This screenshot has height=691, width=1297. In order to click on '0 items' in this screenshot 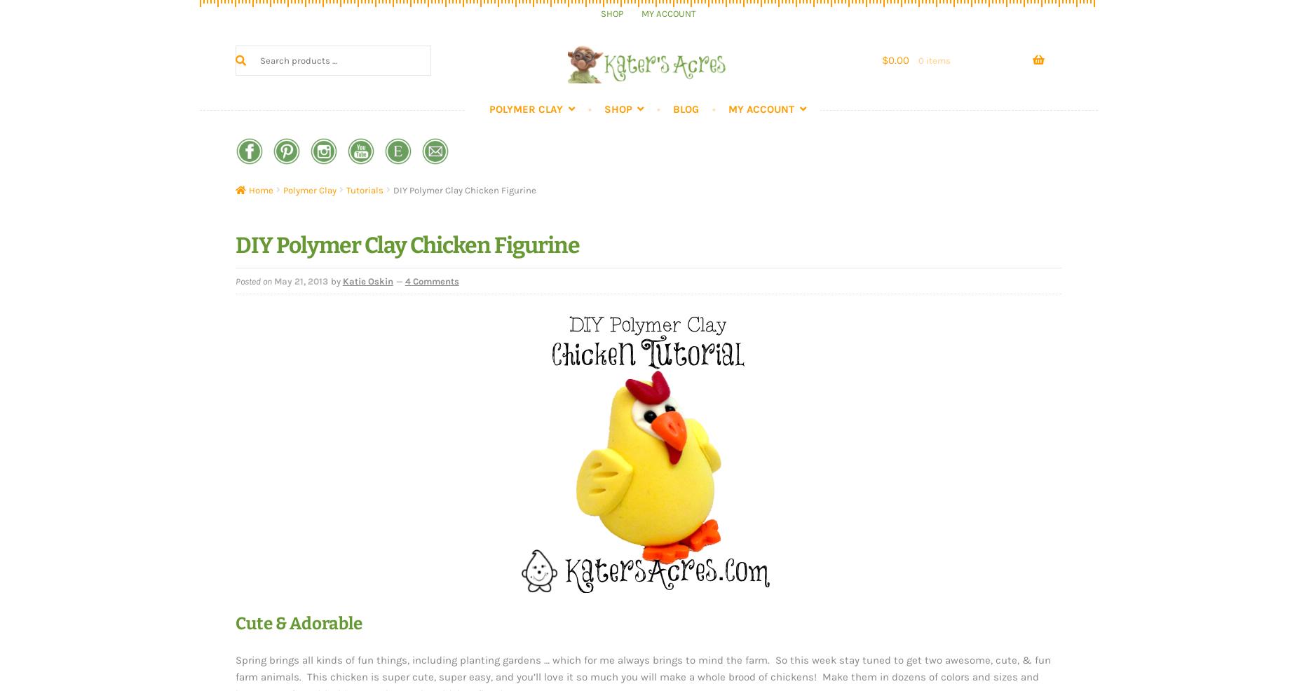, I will do `click(917, 60)`.